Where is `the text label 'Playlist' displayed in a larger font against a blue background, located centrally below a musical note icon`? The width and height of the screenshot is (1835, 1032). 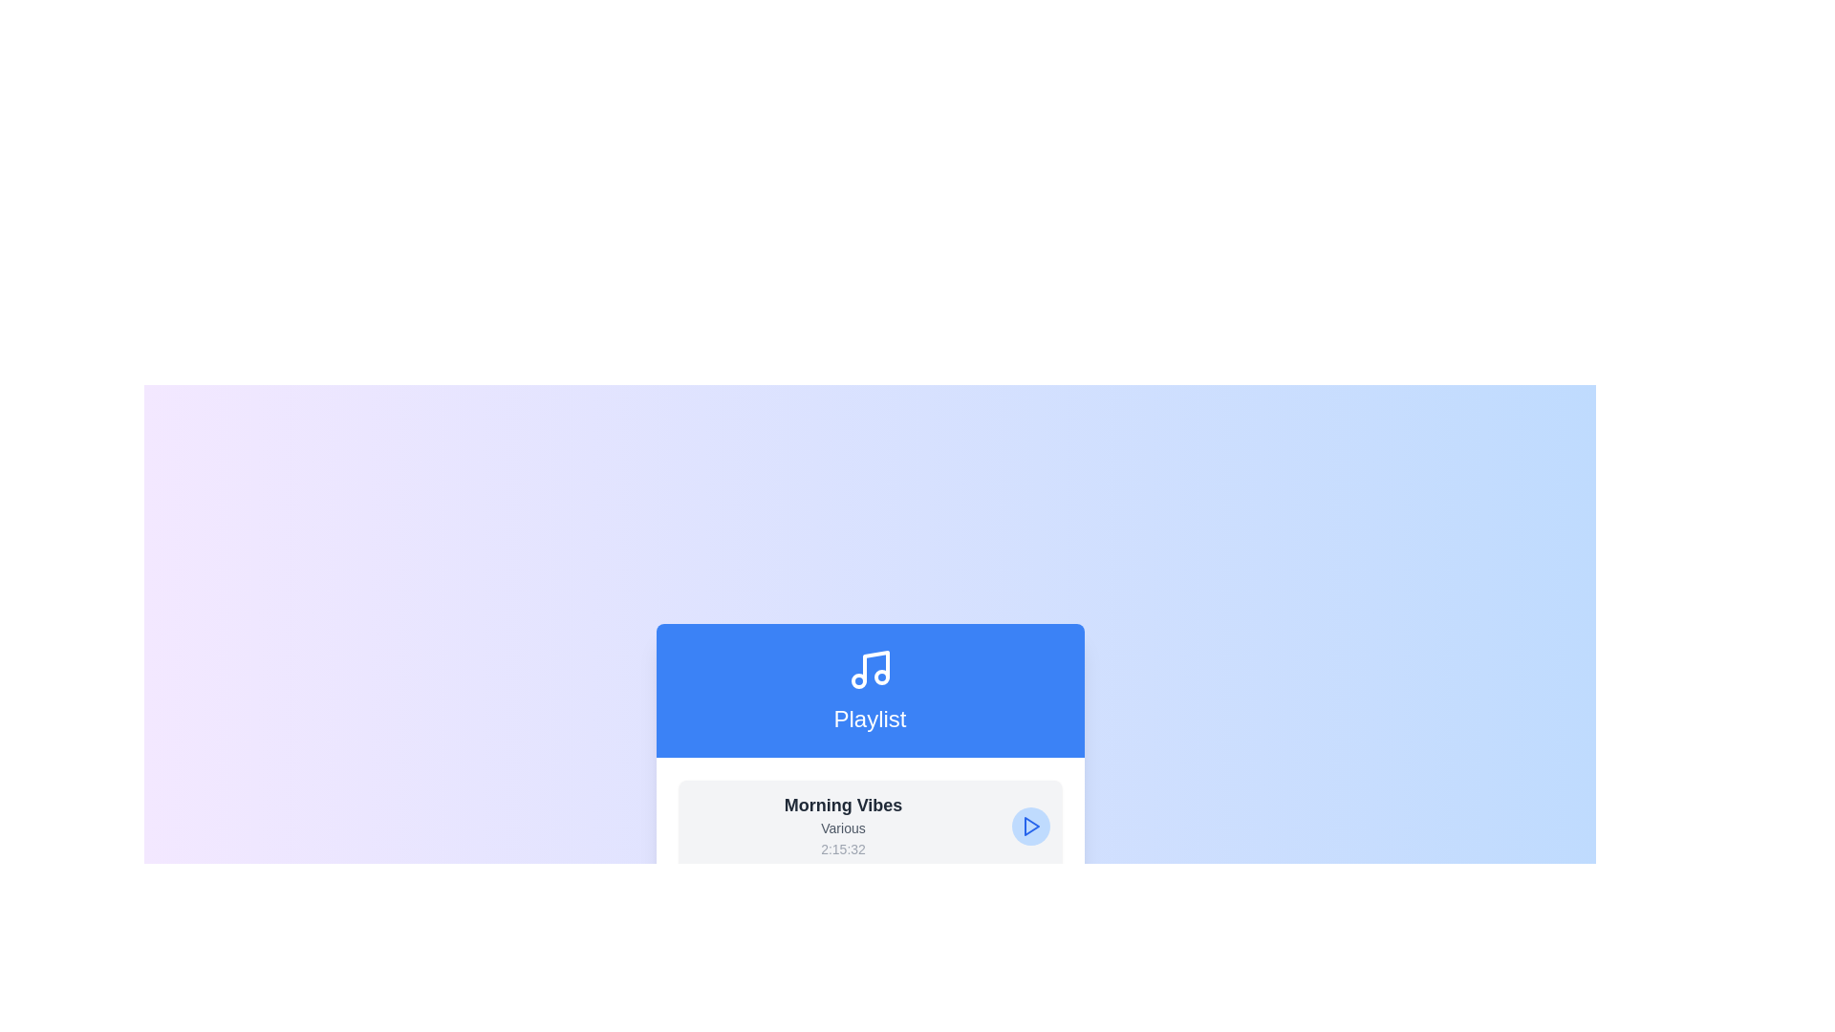
the text label 'Playlist' displayed in a larger font against a blue background, located centrally below a musical note icon is located at coordinates (869, 719).